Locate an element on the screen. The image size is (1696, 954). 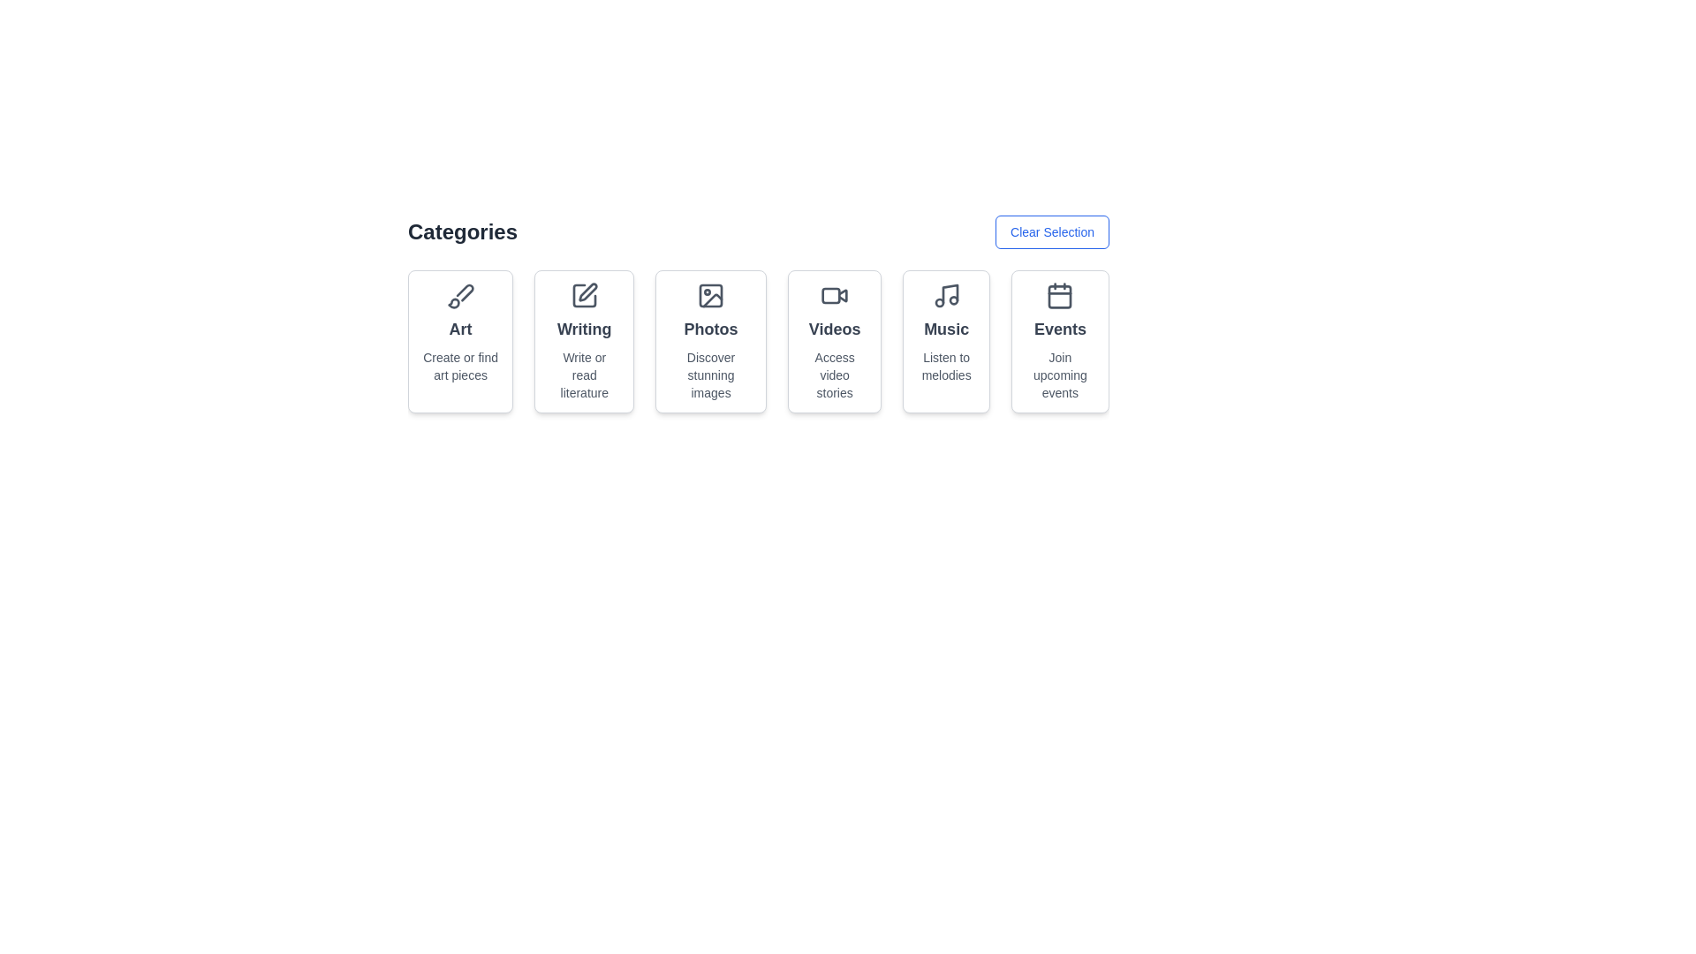
the 'Writing' card is located at coordinates (584, 295).